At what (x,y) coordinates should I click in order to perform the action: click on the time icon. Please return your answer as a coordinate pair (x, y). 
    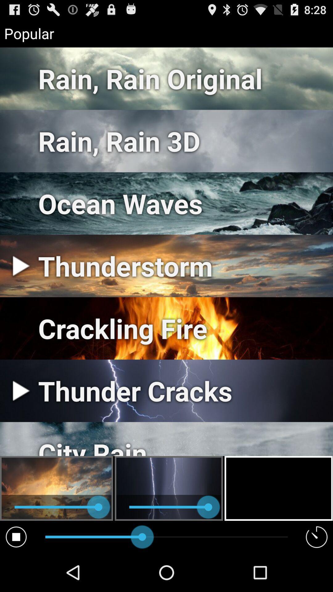
    Looking at the image, I should click on (317, 574).